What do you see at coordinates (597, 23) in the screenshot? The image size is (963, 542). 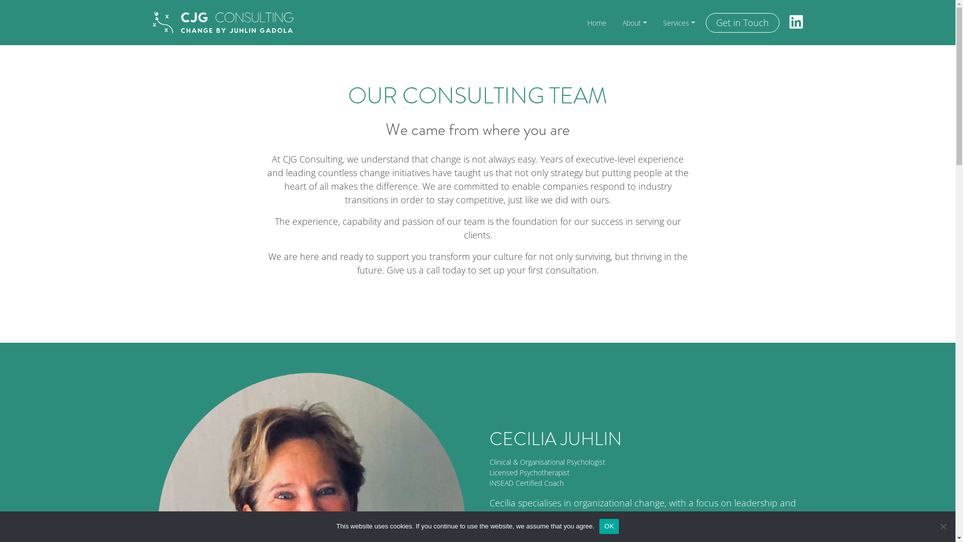 I see `'Home'` at bounding box center [597, 23].